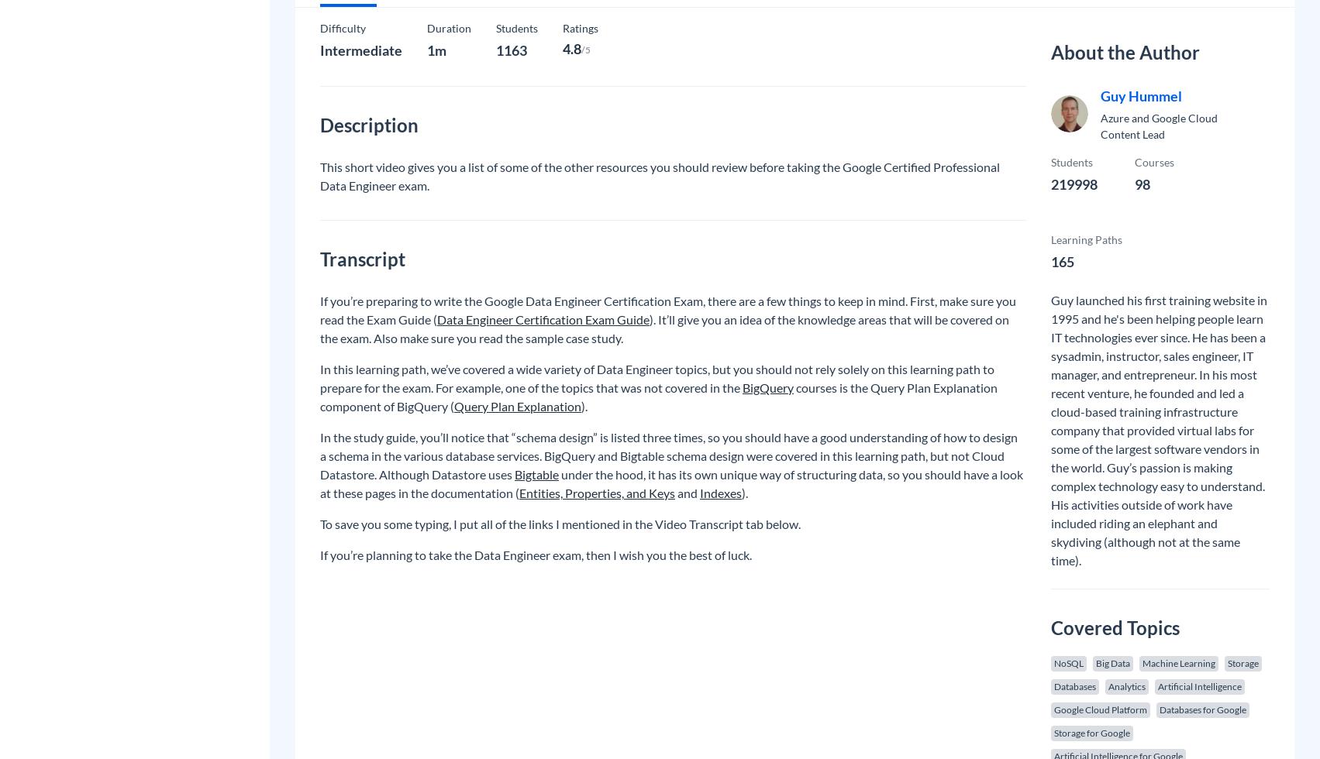  I want to click on 'Guy launched his first training website in 1995 and he's been helping people learn IT technologies ever since. He has been a sysadmin, instructor, sales engineer, IT manager, and entrepreneur. In his most recent venture, he founded and led a cloud-based training infrastructure company that provided virtual labs for some of the largest software vendors in the world. Guy’s passion is making complex technology easy to understand. His activities outside of work have included riding an elephant and skydiving (although not at the same time).', so click(1158, 430).